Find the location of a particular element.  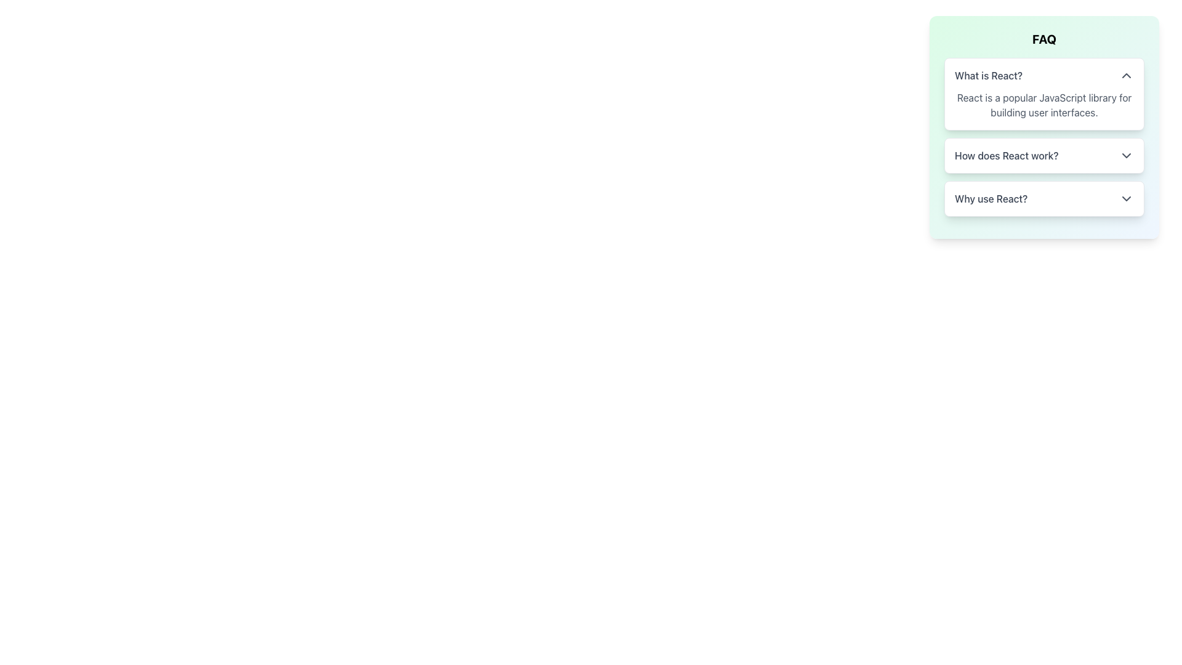

the Text Element displaying 'What is React?' in bold gray font, which is the first question in the FAQ section is located at coordinates (989, 76).